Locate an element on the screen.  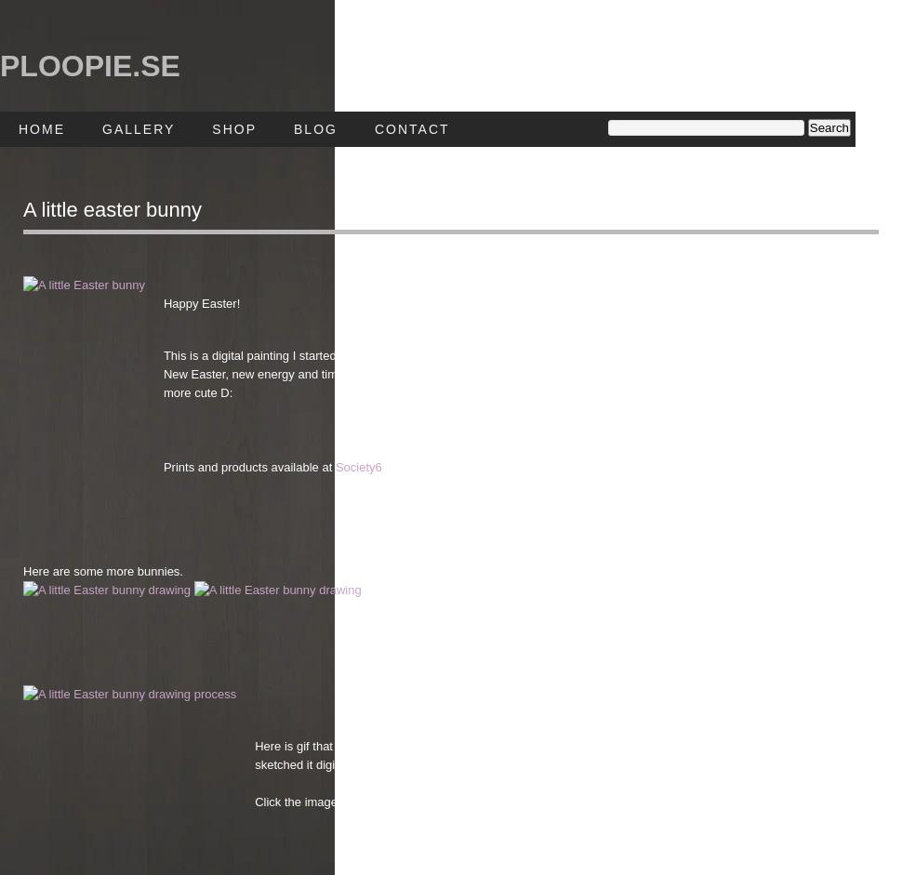
'Blog' is located at coordinates (315, 127).